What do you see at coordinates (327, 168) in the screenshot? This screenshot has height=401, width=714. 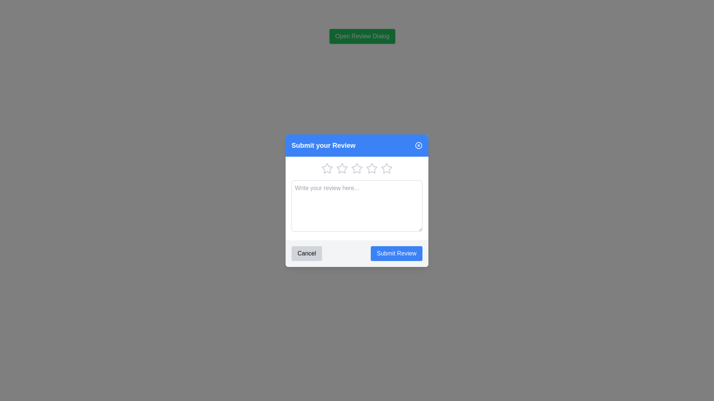 I see `the first star icon in the rating selection` at bounding box center [327, 168].